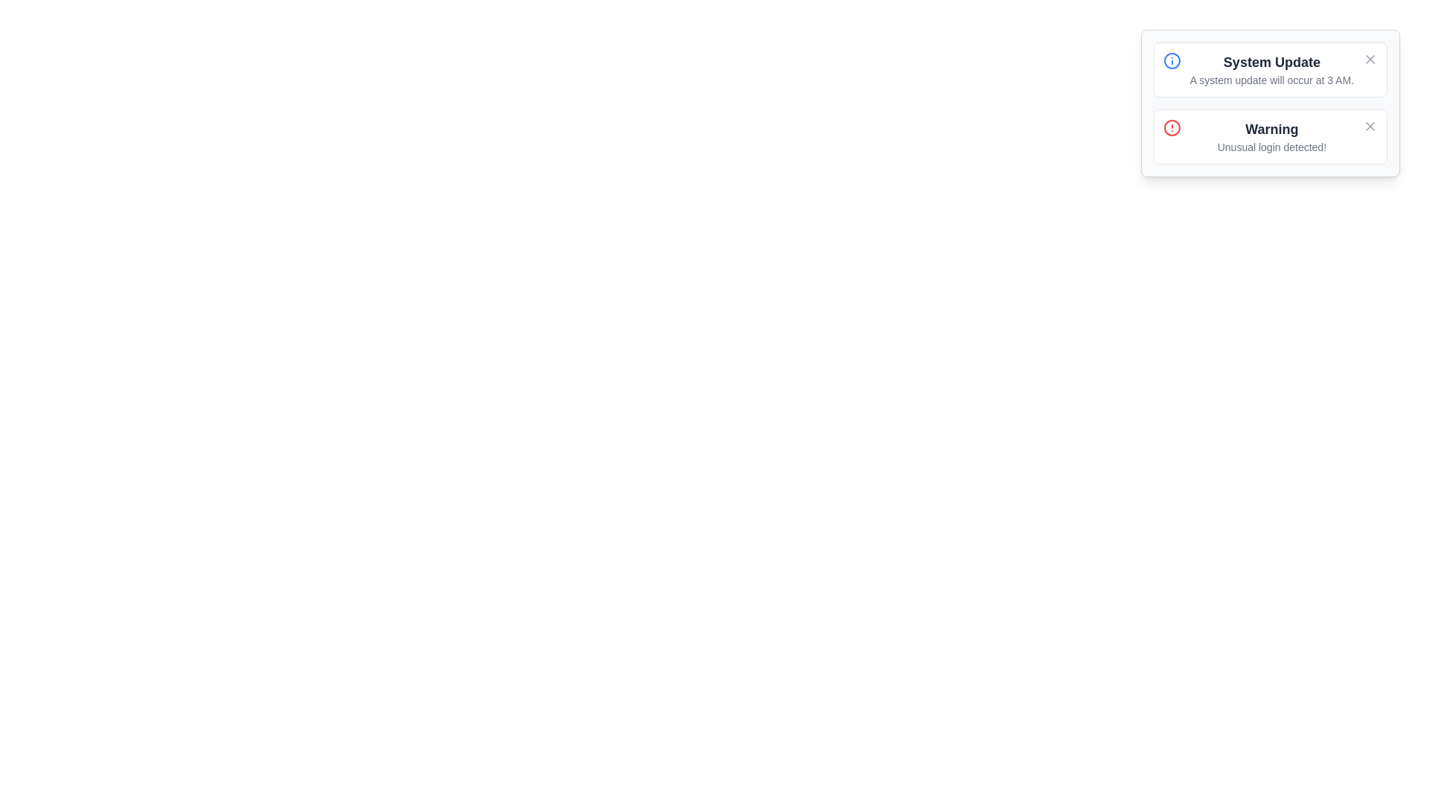 The image size is (1430, 804). What do you see at coordinates (1271, 62) in the screenshot?
I see `the Text label at the top of the notification card, which summarizes the content of the notification` at bounding box center [1271, 62].